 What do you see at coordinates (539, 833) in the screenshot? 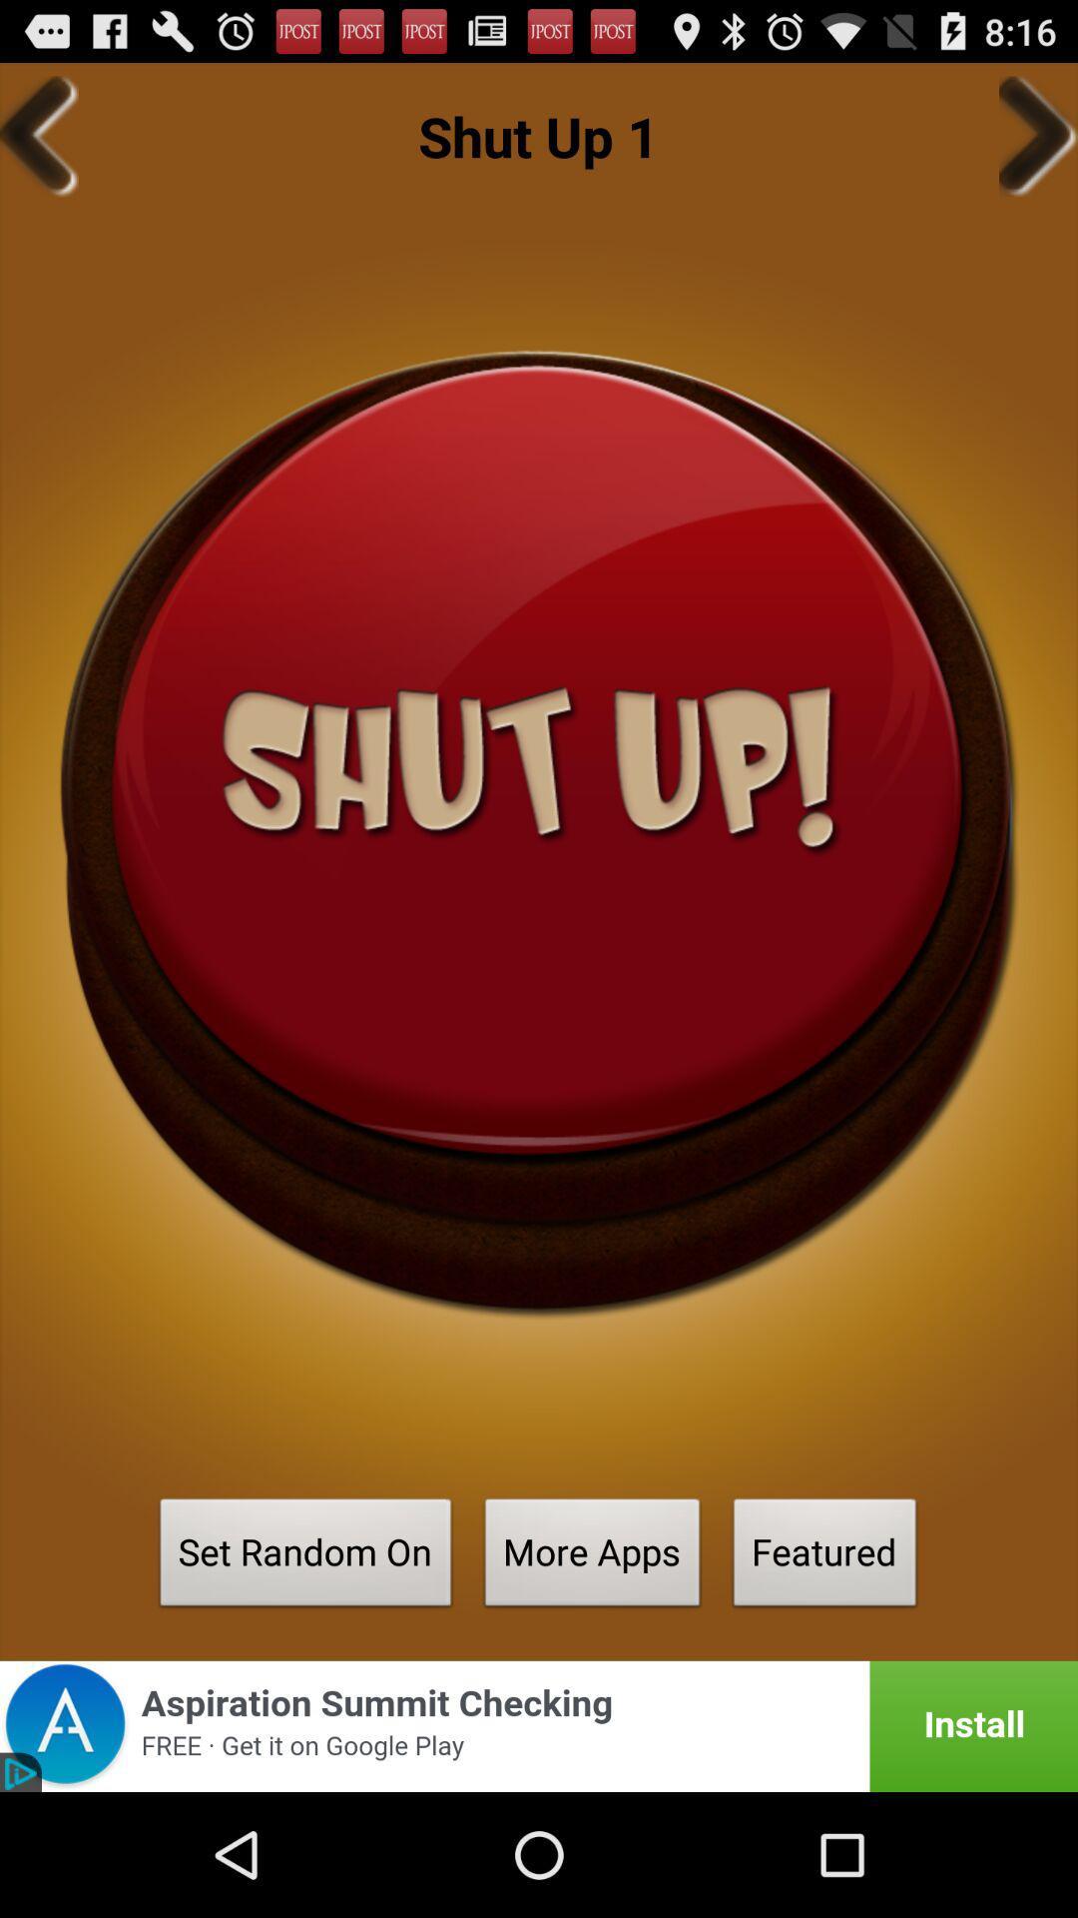
I see `item above the more apps` at bounding box center [539, 833].